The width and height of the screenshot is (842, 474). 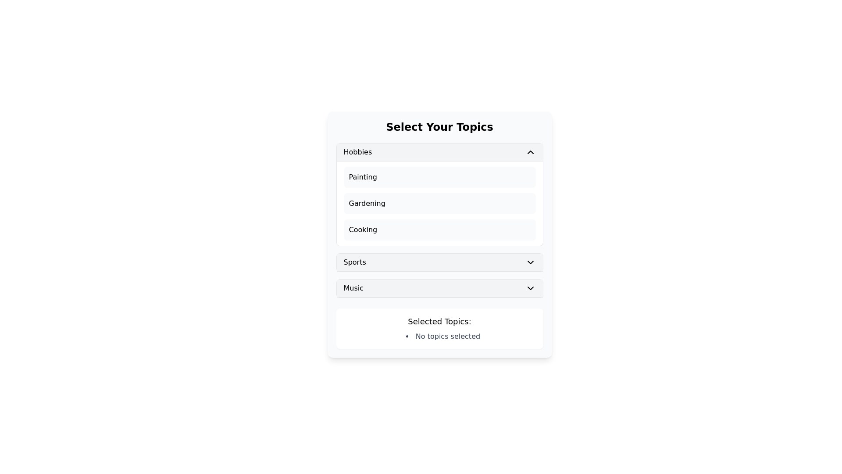 What do you see at coordinates (439, 220) in the screenshot?
I see `to select an item from the dropdown list of hobbies, which includes options like 'Painting', 'Gardening', and 'Cooking'` at bounding box center [439, 220].